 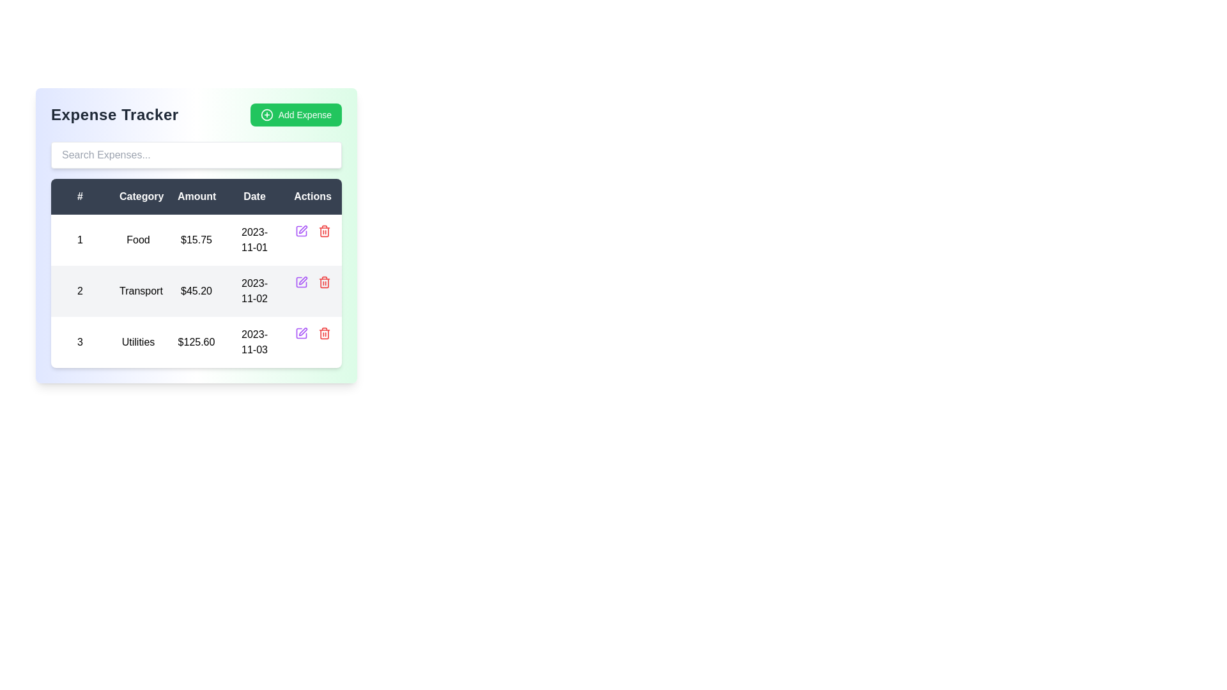 I want to click on text from the monetary amount label located in the Amount column of the second row of the table, so click(x=196, y=291).